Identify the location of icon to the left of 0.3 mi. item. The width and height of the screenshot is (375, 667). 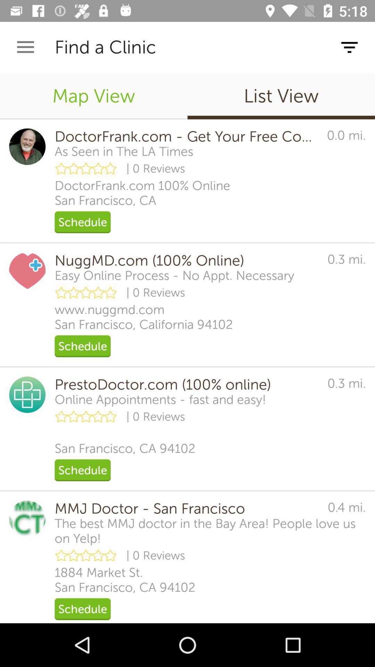
(160, 400).